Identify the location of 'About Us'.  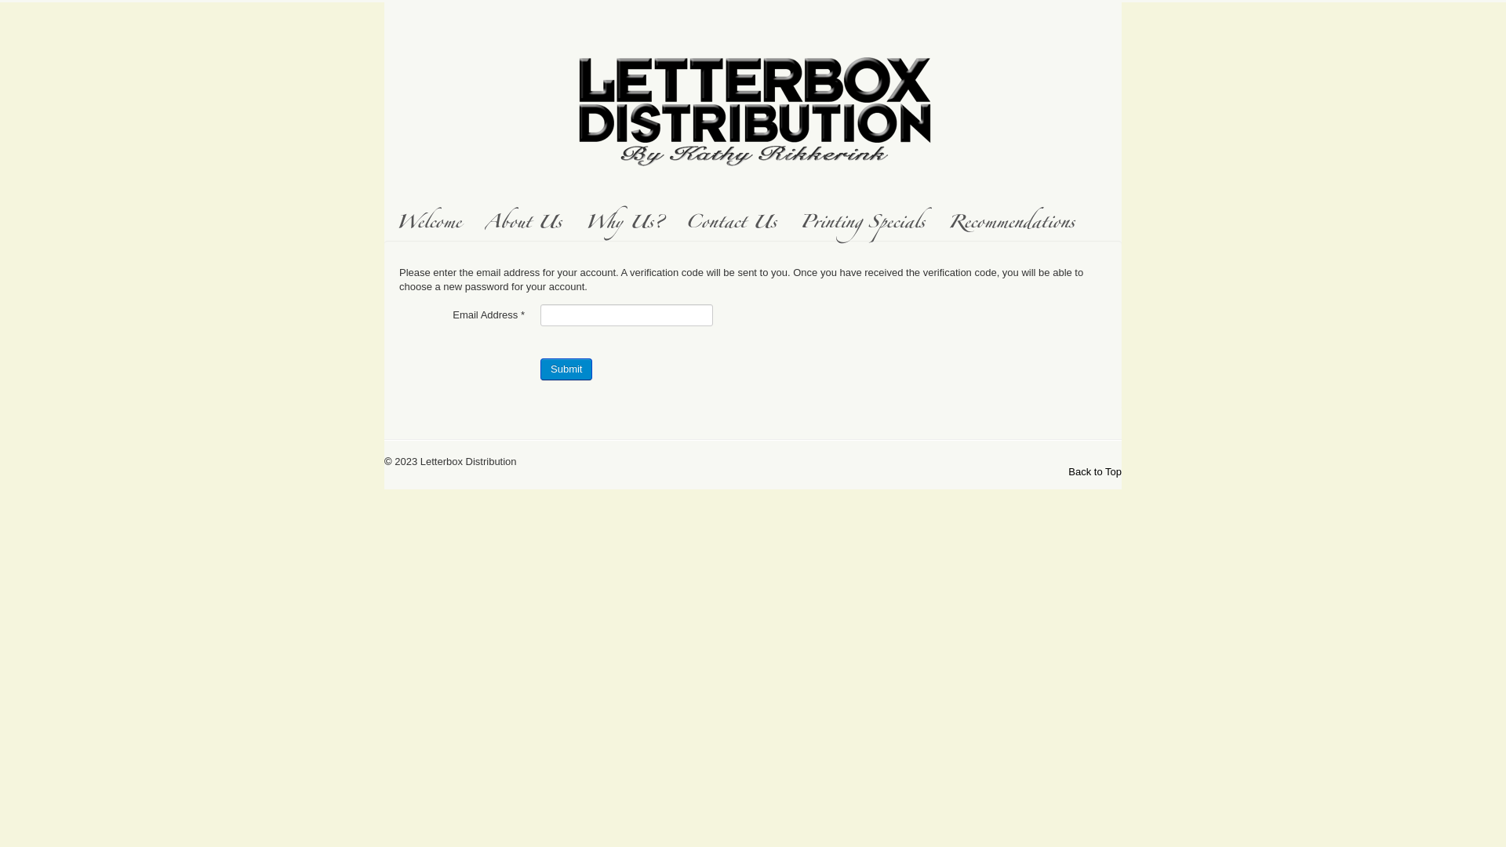
(523, 224).